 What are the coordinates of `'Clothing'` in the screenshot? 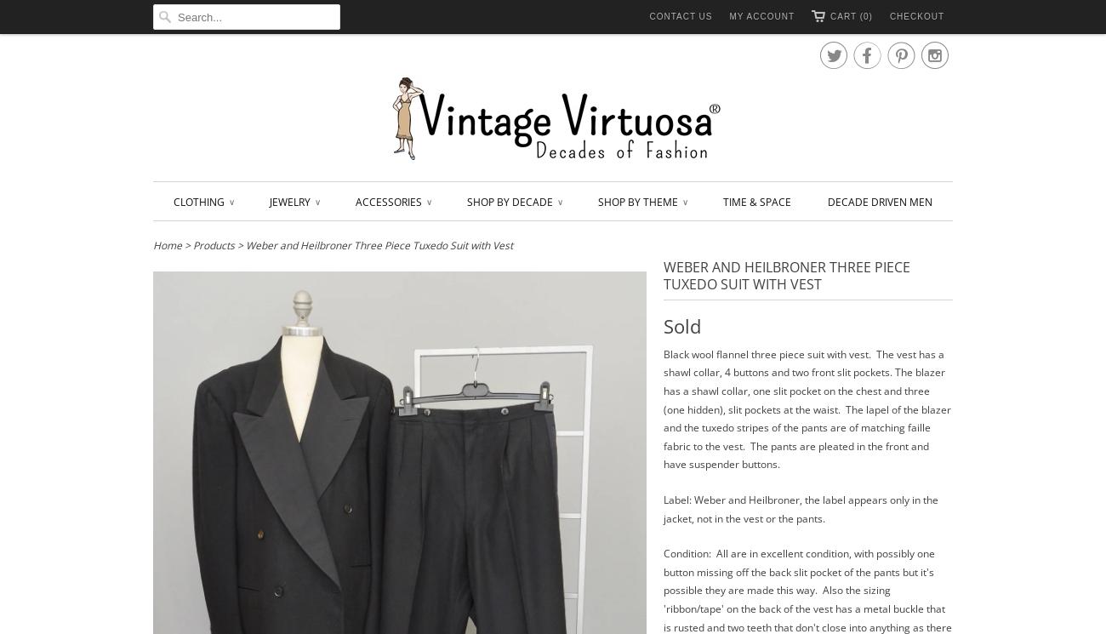 It's located at (199, 201).